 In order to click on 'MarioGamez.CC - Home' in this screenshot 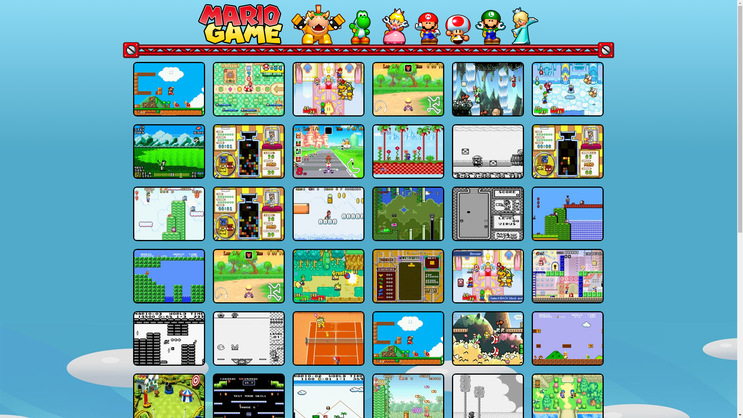, I will do `click(240, 23)`.